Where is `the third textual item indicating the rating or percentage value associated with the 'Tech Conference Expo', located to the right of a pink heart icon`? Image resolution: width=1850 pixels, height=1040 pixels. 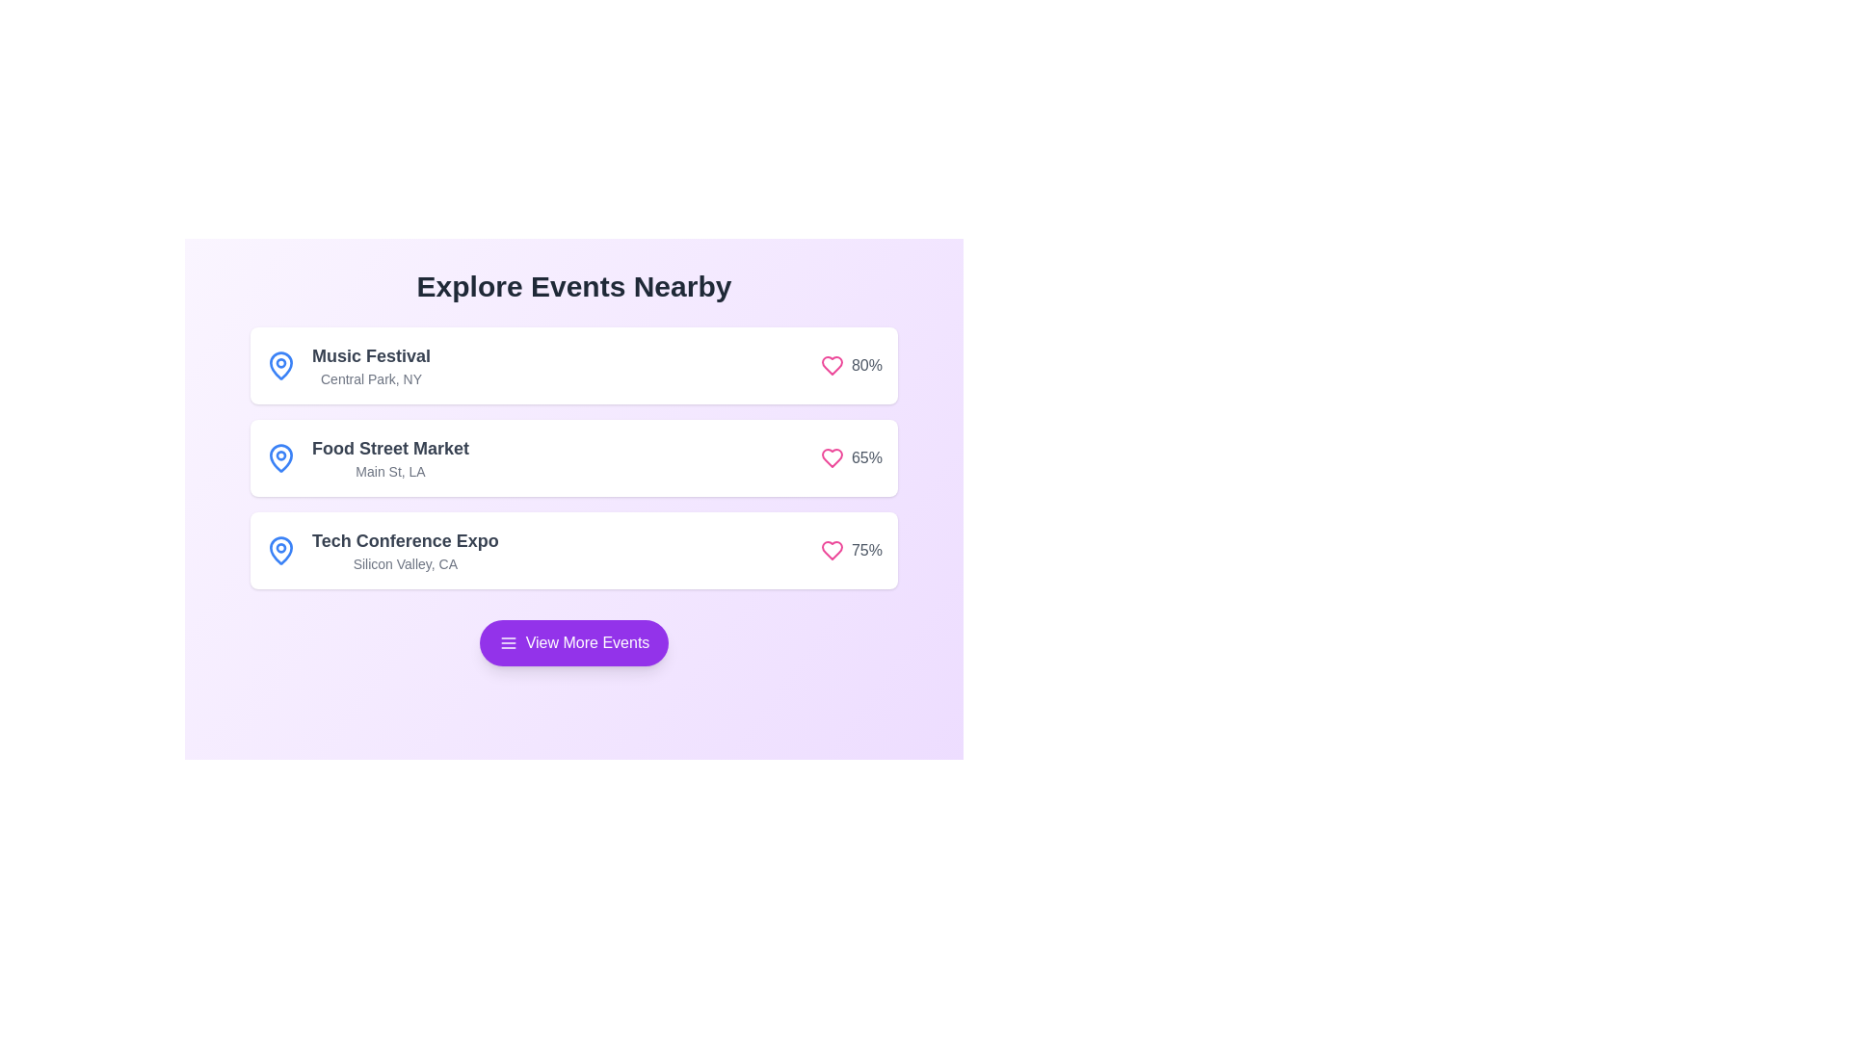 the third textual item indicating the rating or percentage value associated with the 'Tech Conference Expo', located to the right of a pink heart icon is located at coordinates (865, 550).